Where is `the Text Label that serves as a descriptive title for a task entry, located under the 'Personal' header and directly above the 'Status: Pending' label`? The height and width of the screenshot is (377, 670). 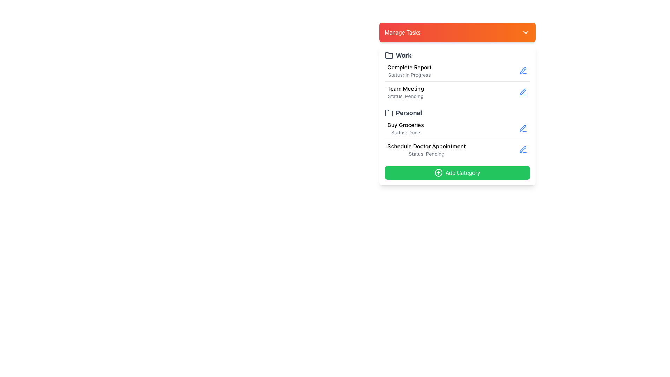
the Text Label that serves as a descriptive title for a task entry, located under the 'Personal' header and directly above the 'Status: Pending' label is located at coordinates (426, 146).